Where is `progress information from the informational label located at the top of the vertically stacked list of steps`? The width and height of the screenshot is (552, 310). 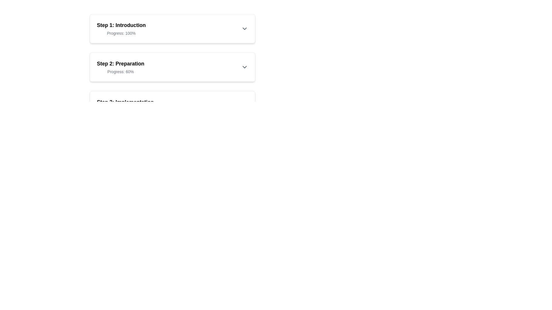 progress information from the informational label located at the top of the vertically stacked list of steps is located at coordinates (121, 29).